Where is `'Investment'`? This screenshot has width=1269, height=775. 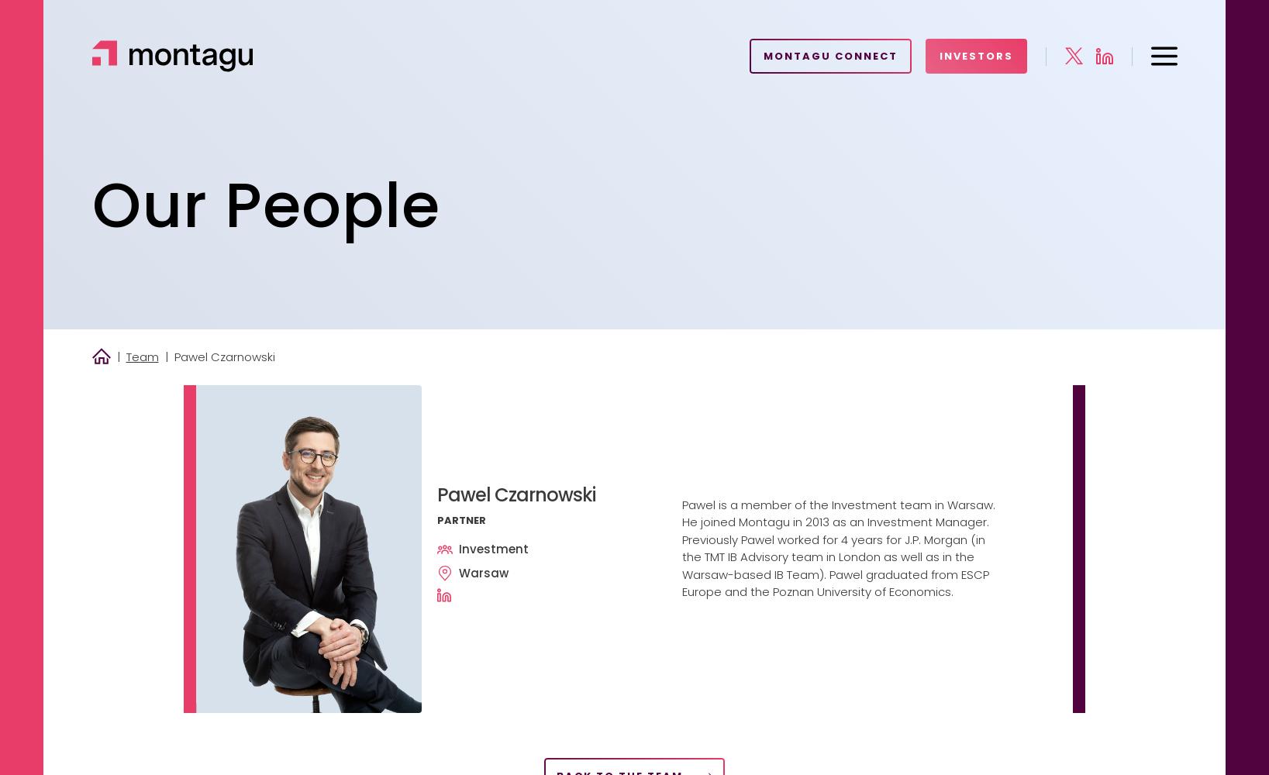 'Investment' is located at coordinates (458, 548).